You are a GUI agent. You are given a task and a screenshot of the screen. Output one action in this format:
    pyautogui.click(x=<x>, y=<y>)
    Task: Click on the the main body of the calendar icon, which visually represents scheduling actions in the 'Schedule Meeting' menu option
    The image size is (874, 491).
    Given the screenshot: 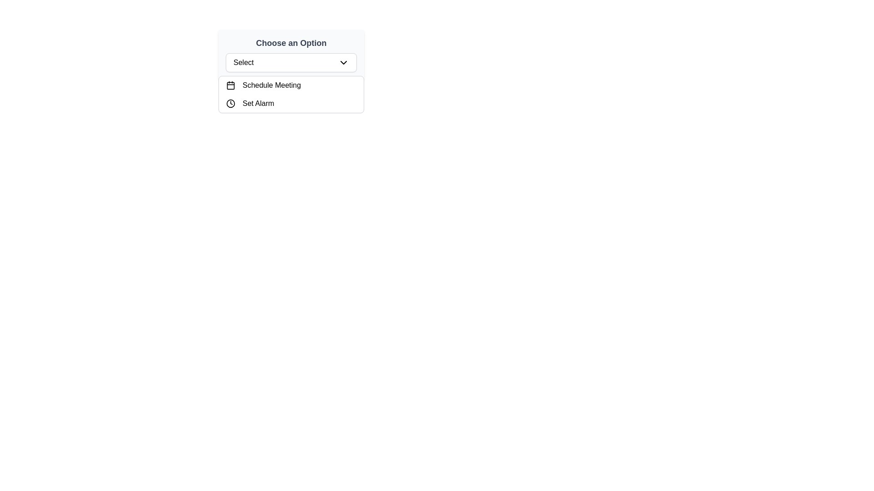 What is the action you would take?
    pyautogui.click(x=231, y=85)
    